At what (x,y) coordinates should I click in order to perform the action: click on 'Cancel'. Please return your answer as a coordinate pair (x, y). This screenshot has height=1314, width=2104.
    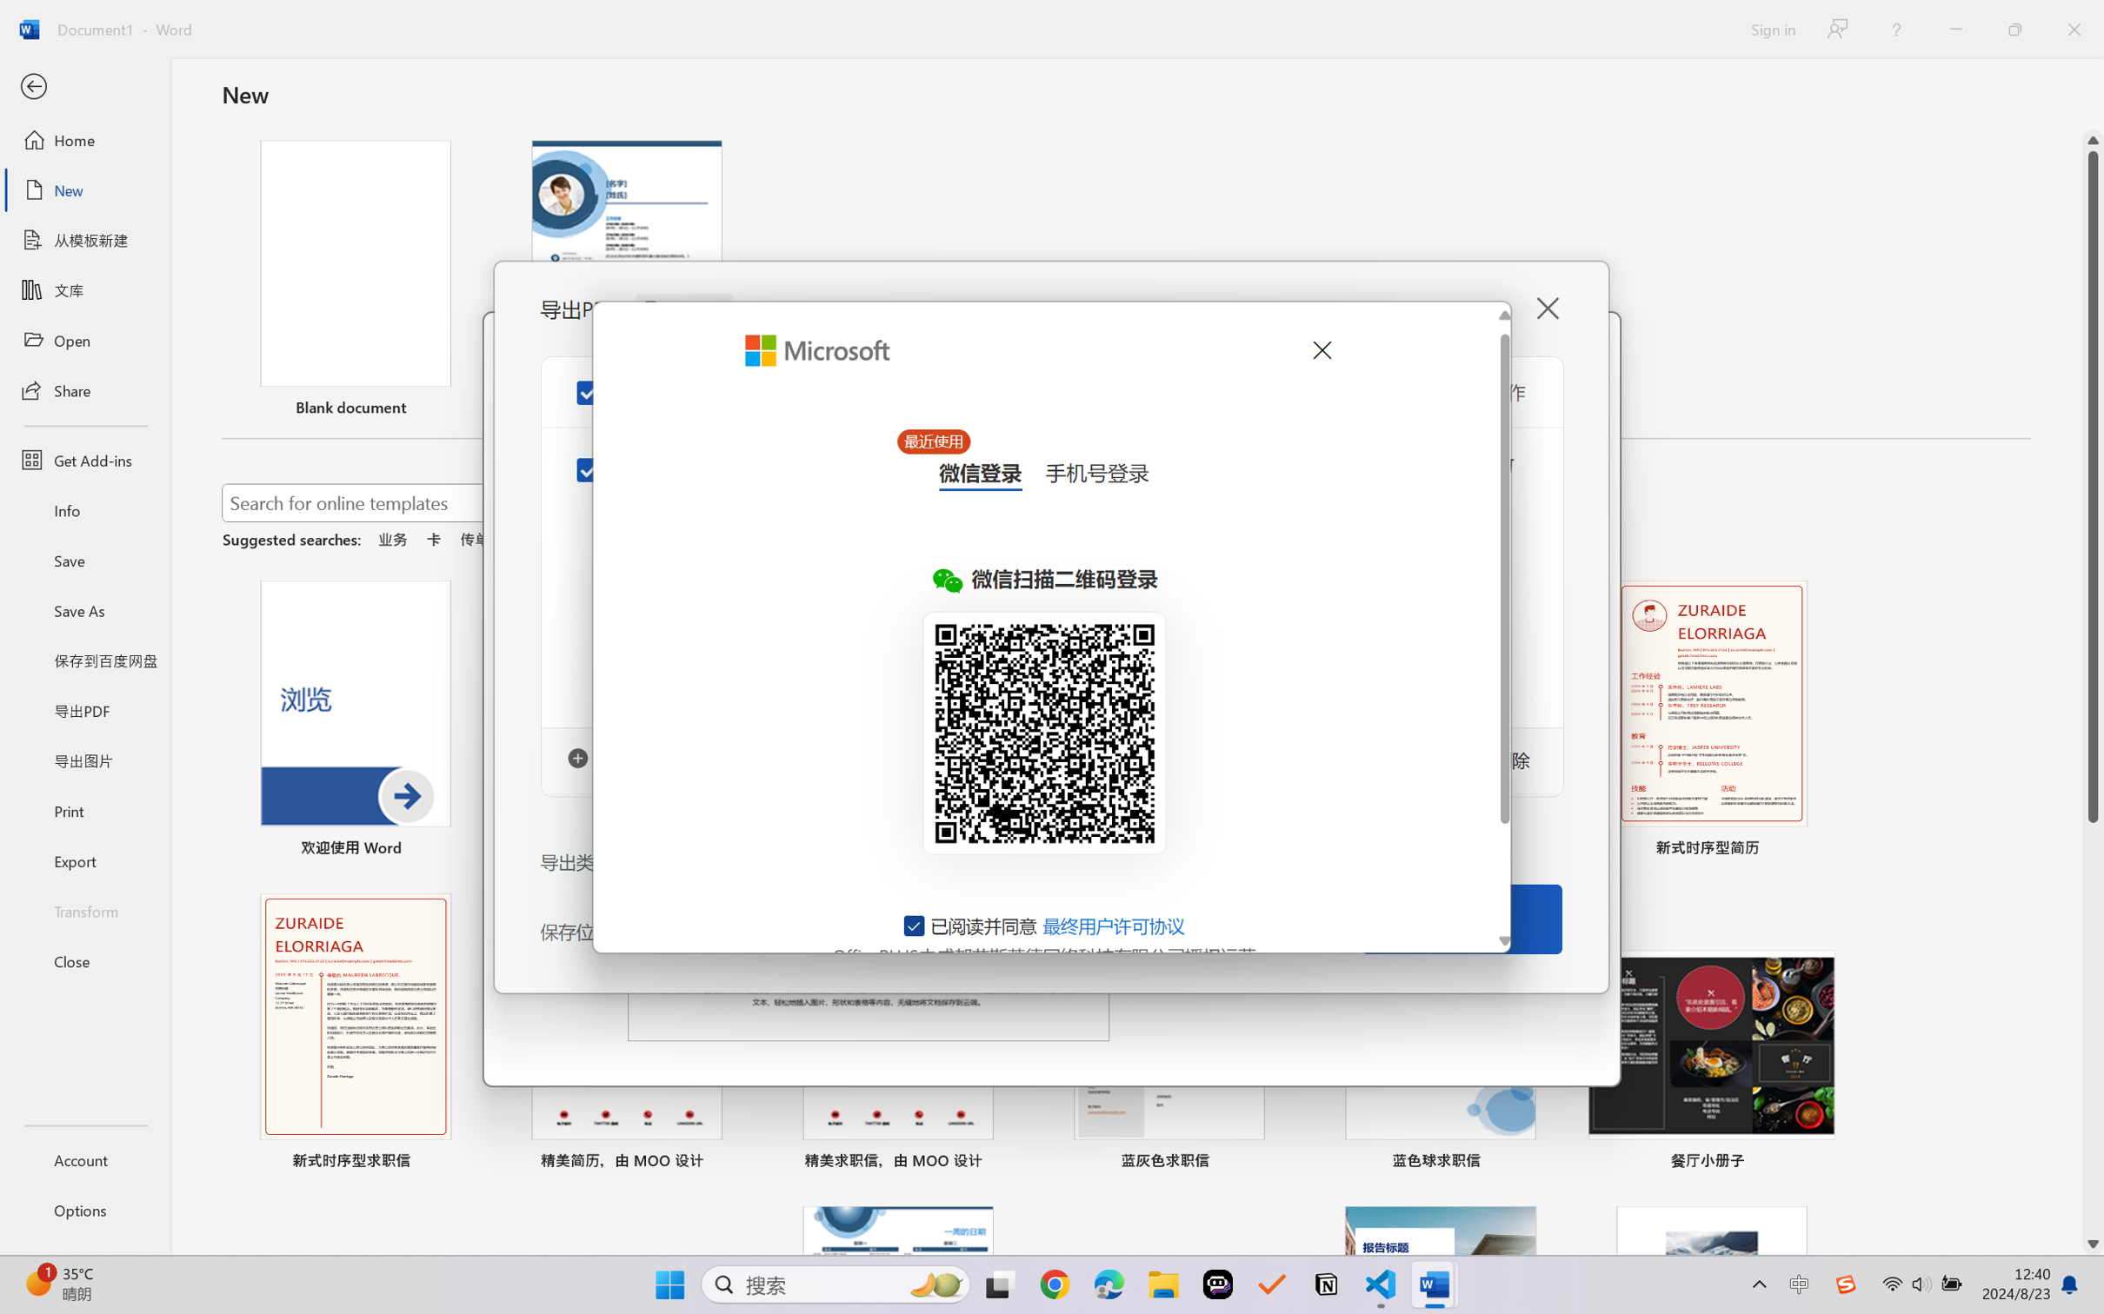
    Looking at the image, I should click on (1320, 349).